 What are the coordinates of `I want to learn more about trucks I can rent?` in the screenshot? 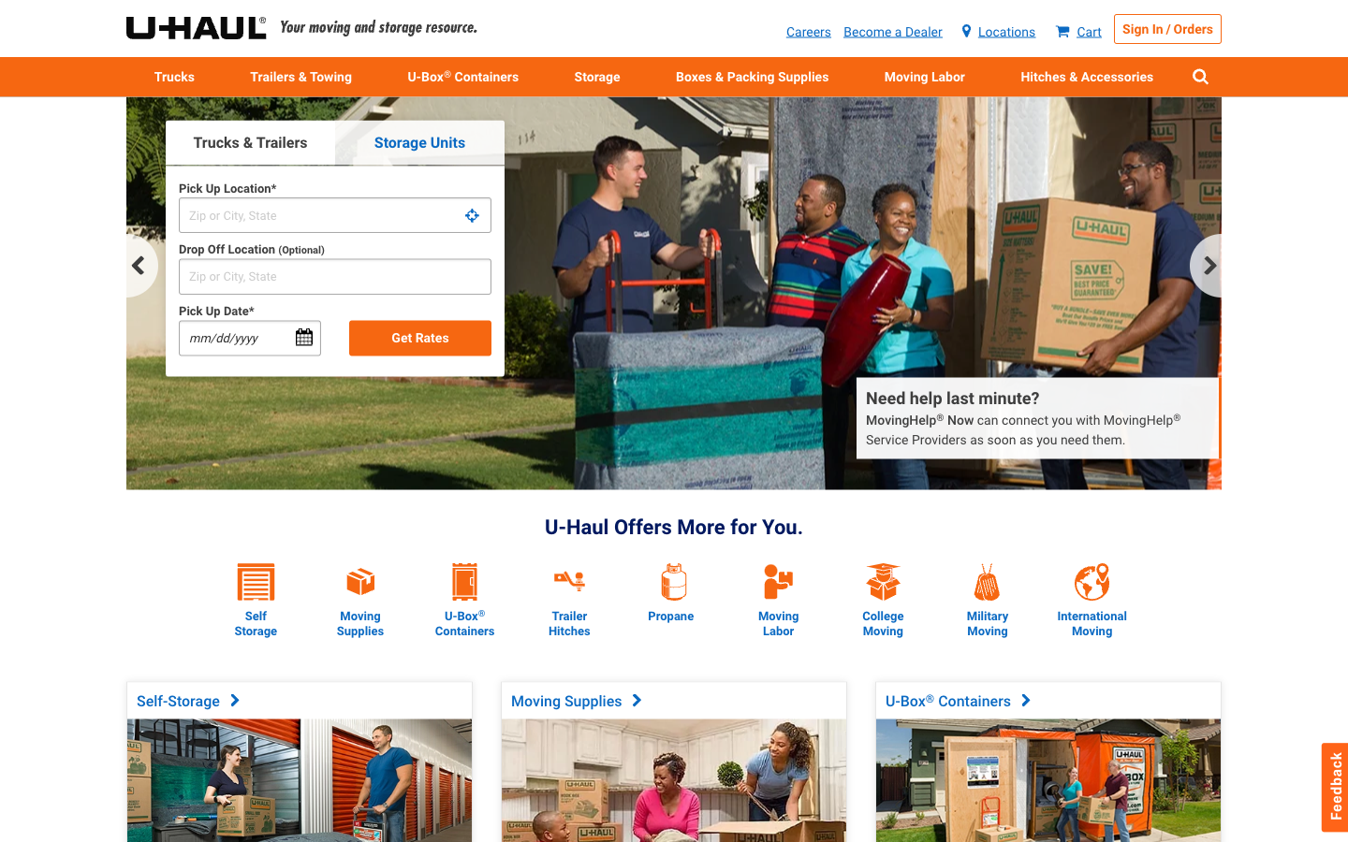 It's located at (174, 75).